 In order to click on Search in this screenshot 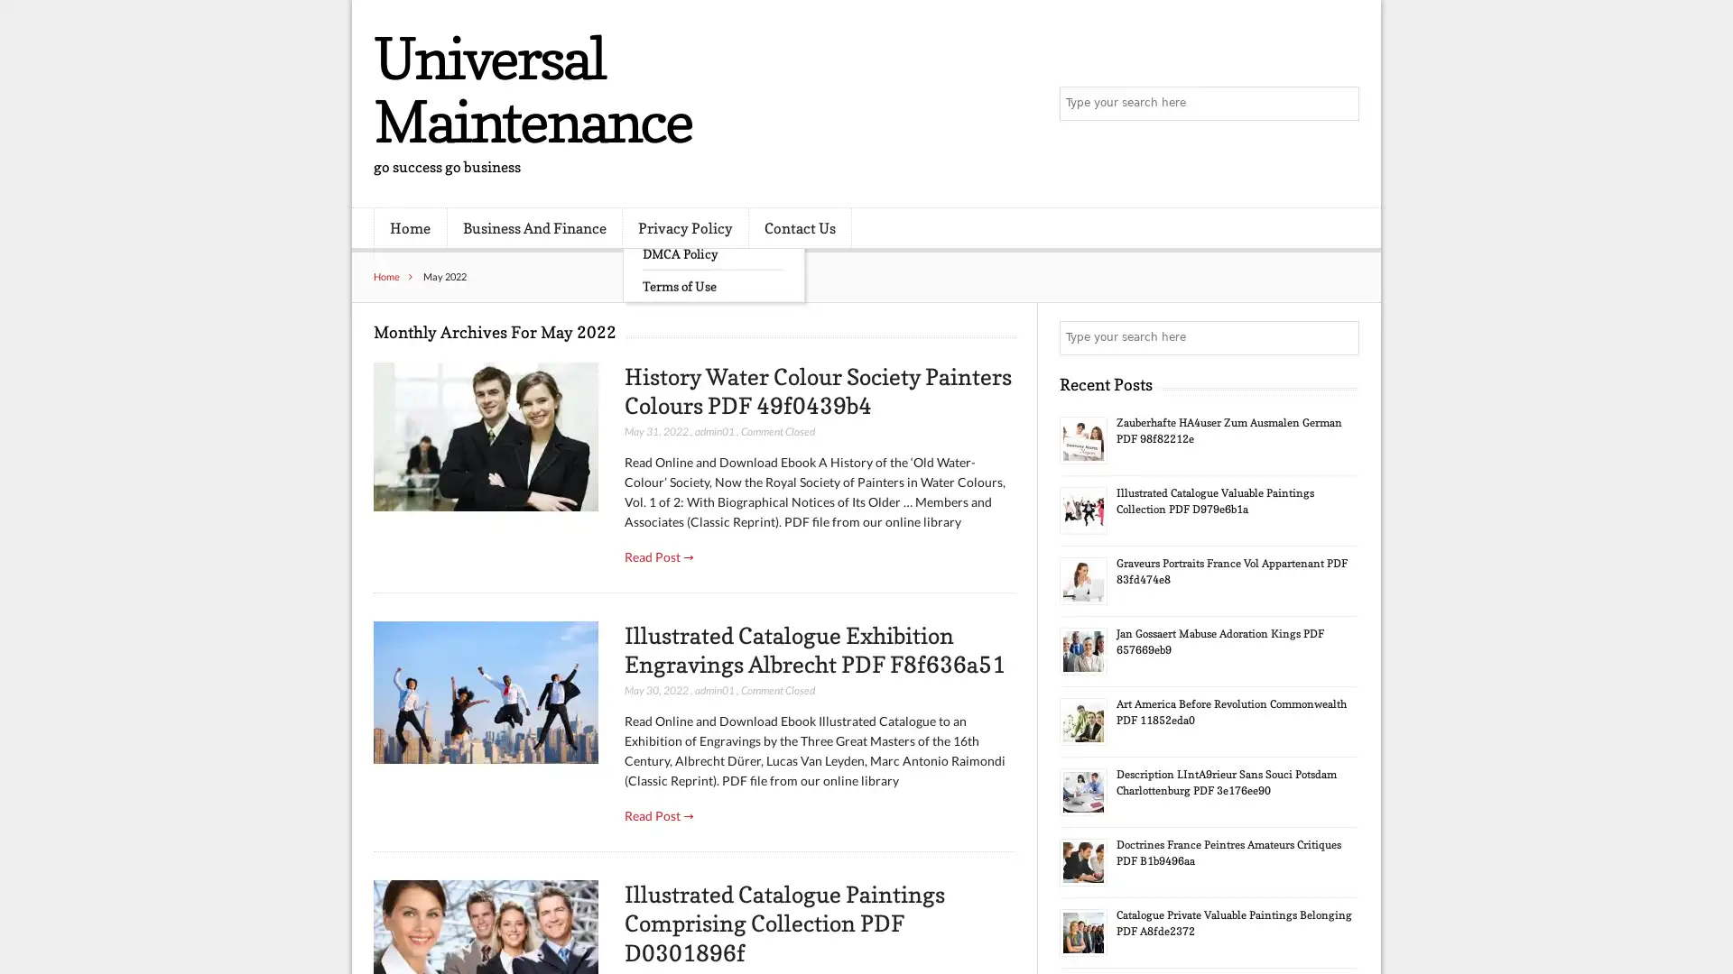, I will do `click(1340, 337)`.